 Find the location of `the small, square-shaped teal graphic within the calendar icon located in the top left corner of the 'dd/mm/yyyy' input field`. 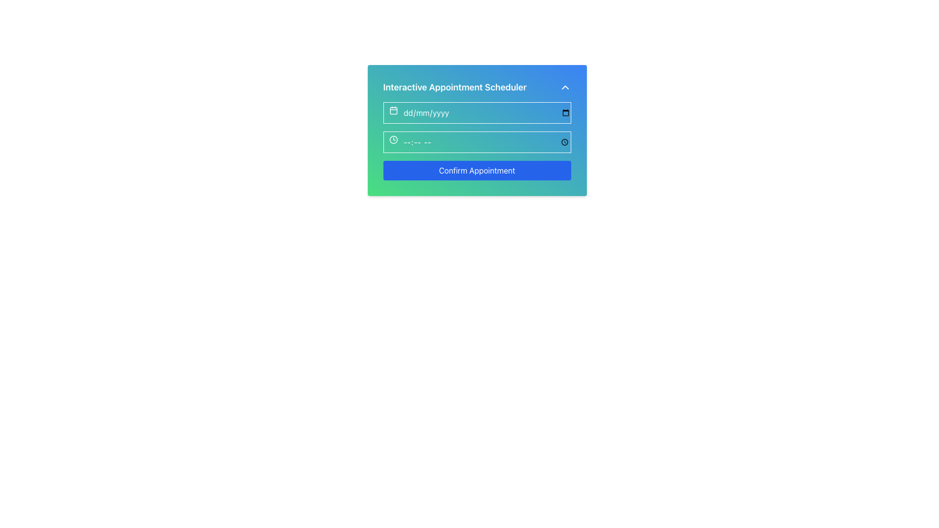

the small, square-shaped teal graphic within the calendar icon located in the top left corner of the 'dd/mm/yyyy' input field is located at coordinates (393, 110).